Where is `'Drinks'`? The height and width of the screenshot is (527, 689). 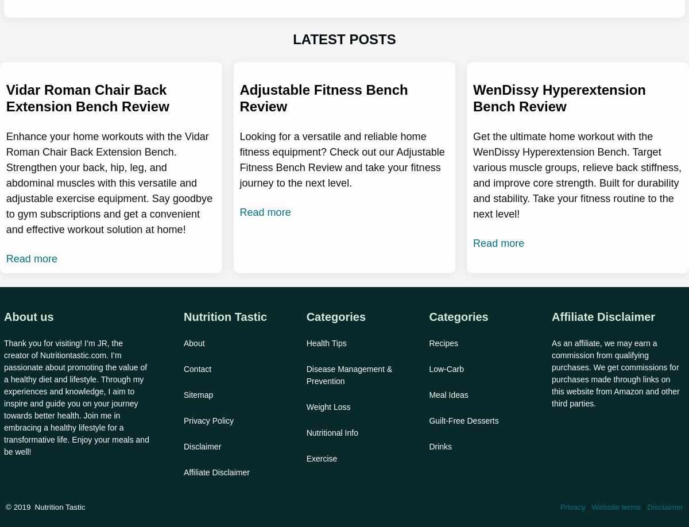
'Drinks' is located at coordinates (440, 447).